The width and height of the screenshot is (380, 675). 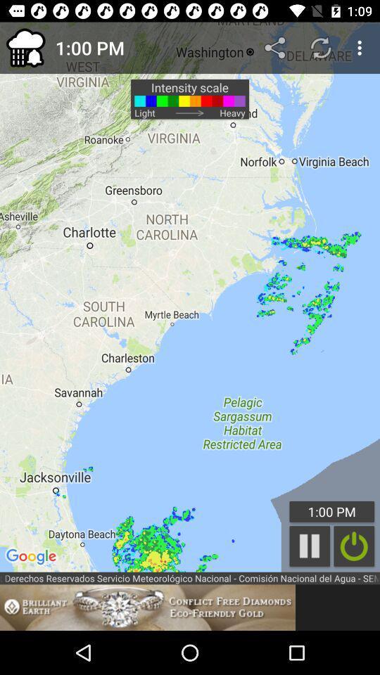 What do you see at coordinates (310, 546) in the screenshot?
I see `icon below 1:00 pm icon` at bounding box center [310, 546].